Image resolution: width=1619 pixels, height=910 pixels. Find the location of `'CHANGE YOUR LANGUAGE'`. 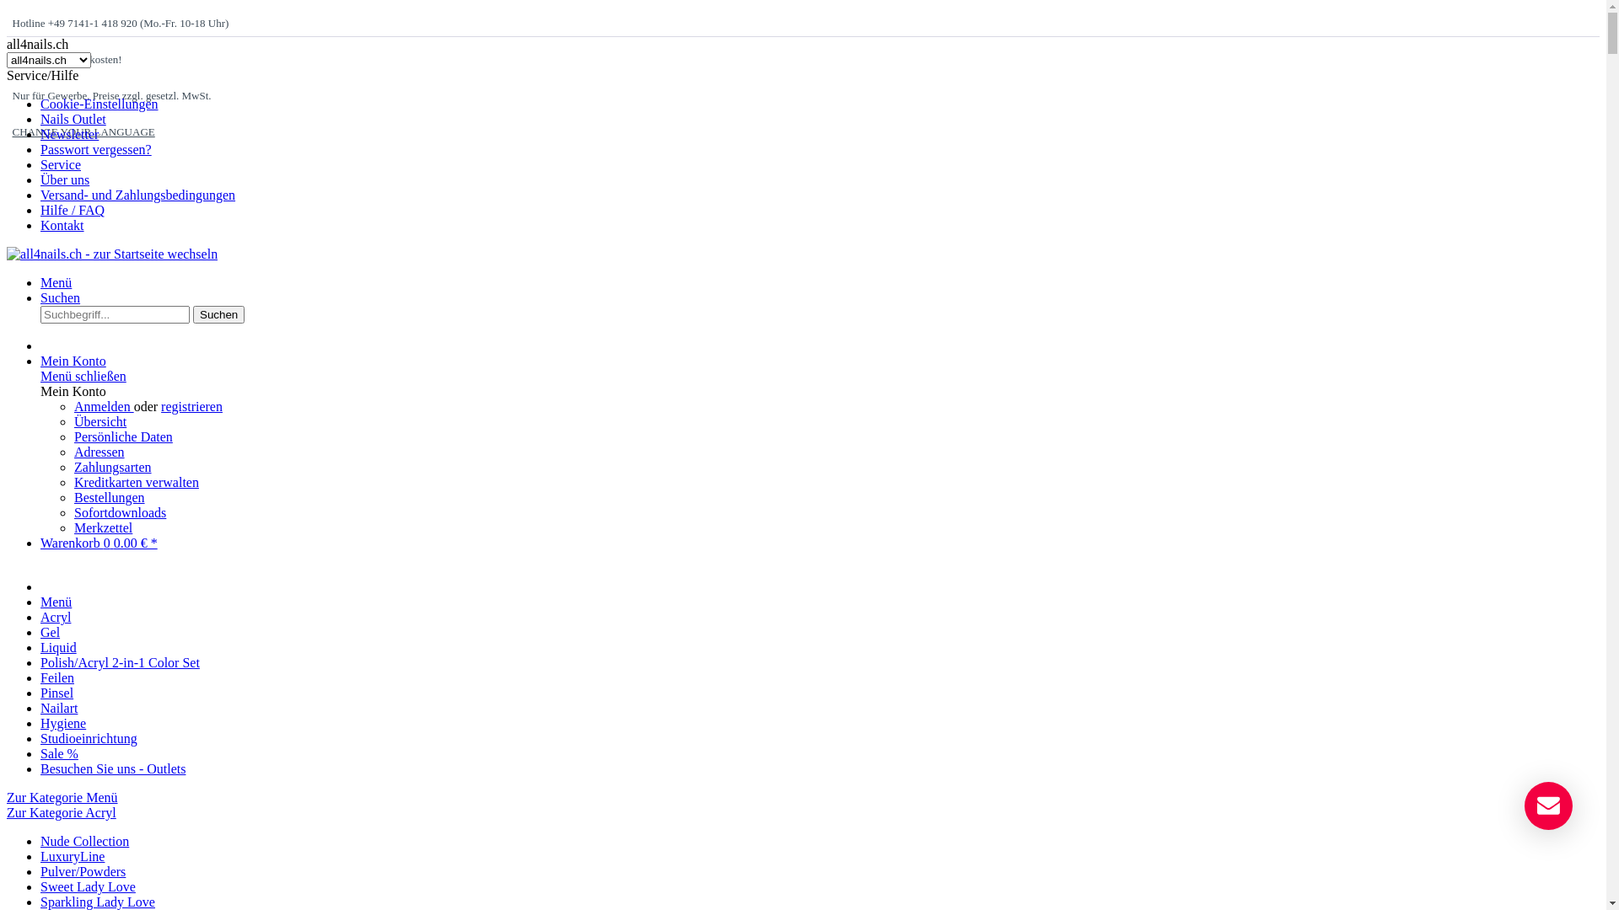

'CHANGE YOUR LANGUAGE' is located at coordinates (82, 131).